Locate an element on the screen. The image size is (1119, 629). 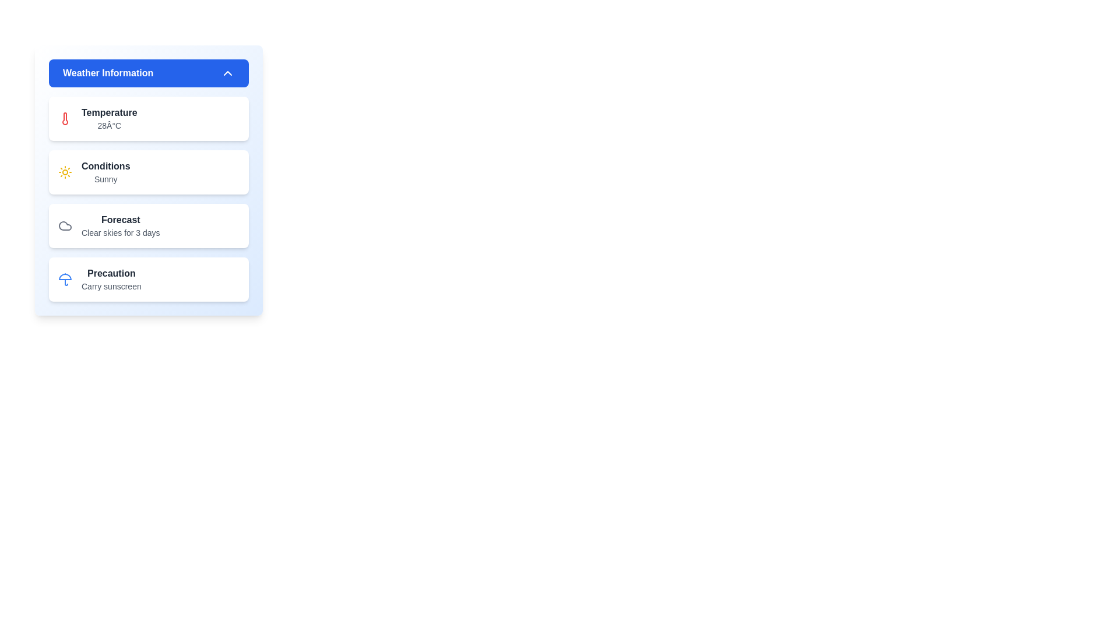
the 'Precaution' header text, which indicates content related to precautions, positioned at the top of its card above the 'Carry sunscreen' text is located at coordinates (111, 274).